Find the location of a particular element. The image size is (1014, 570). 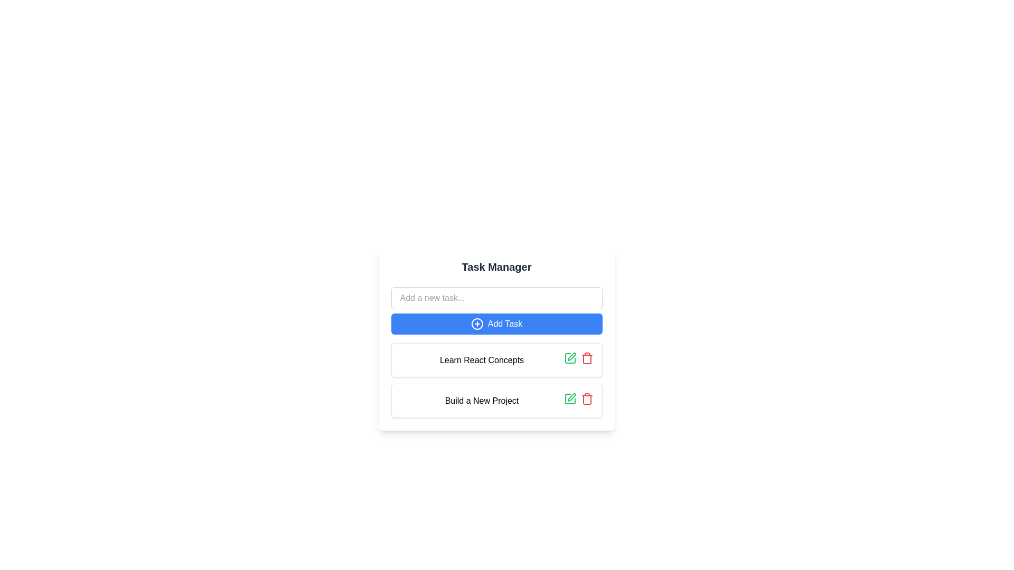

text from the task label positioned as the first visible item in the task management interface, located below the 'Add Task' button is located at coordinates (481, 359).